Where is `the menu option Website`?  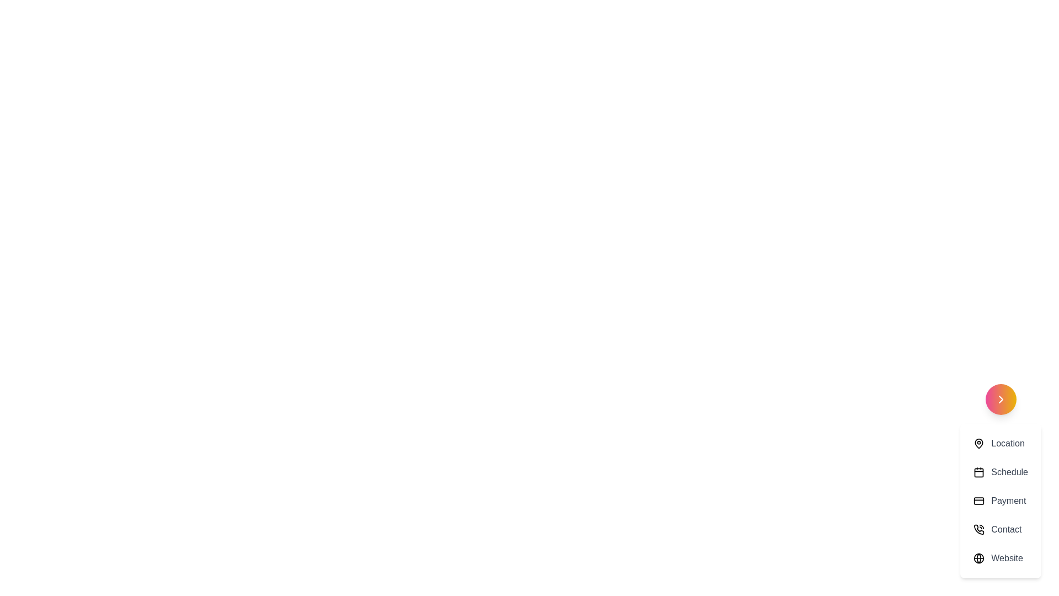 the menu option Website is located at coordinates (1001, 558).